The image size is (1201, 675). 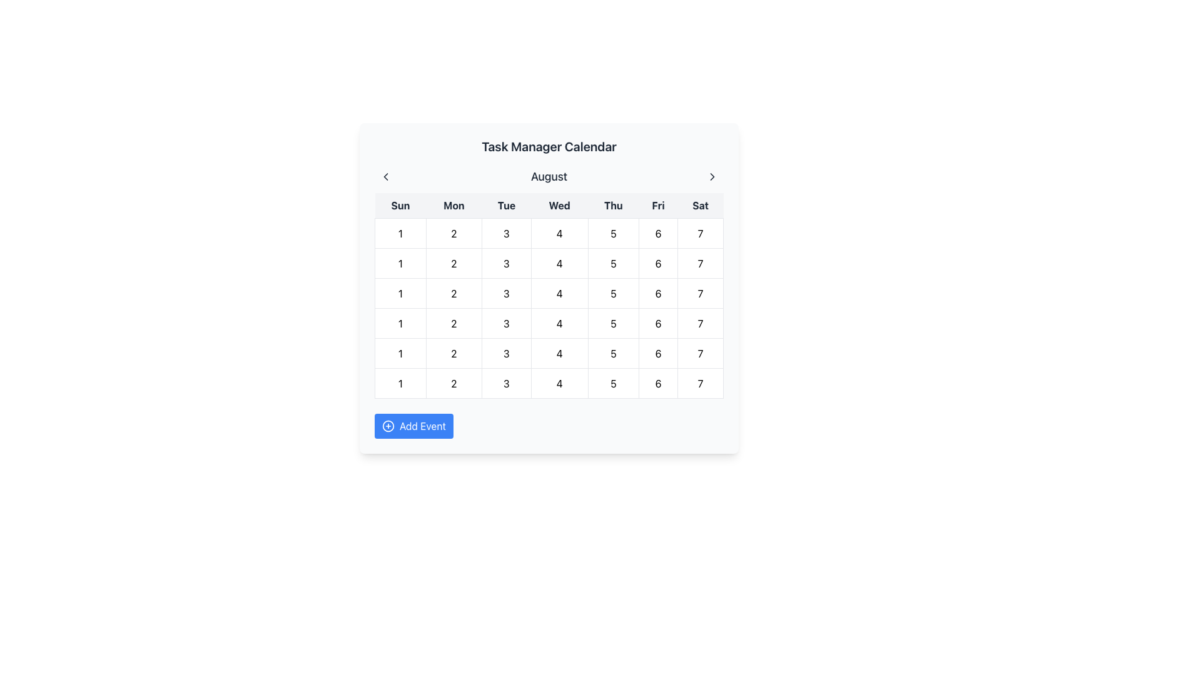 What do you see at coordinates (453, 262) in the screenshot?
I see `the Calendar Day Cell displaying the number '2' in the first row, second column of the calendar grid` at bounding box center [453, 262].